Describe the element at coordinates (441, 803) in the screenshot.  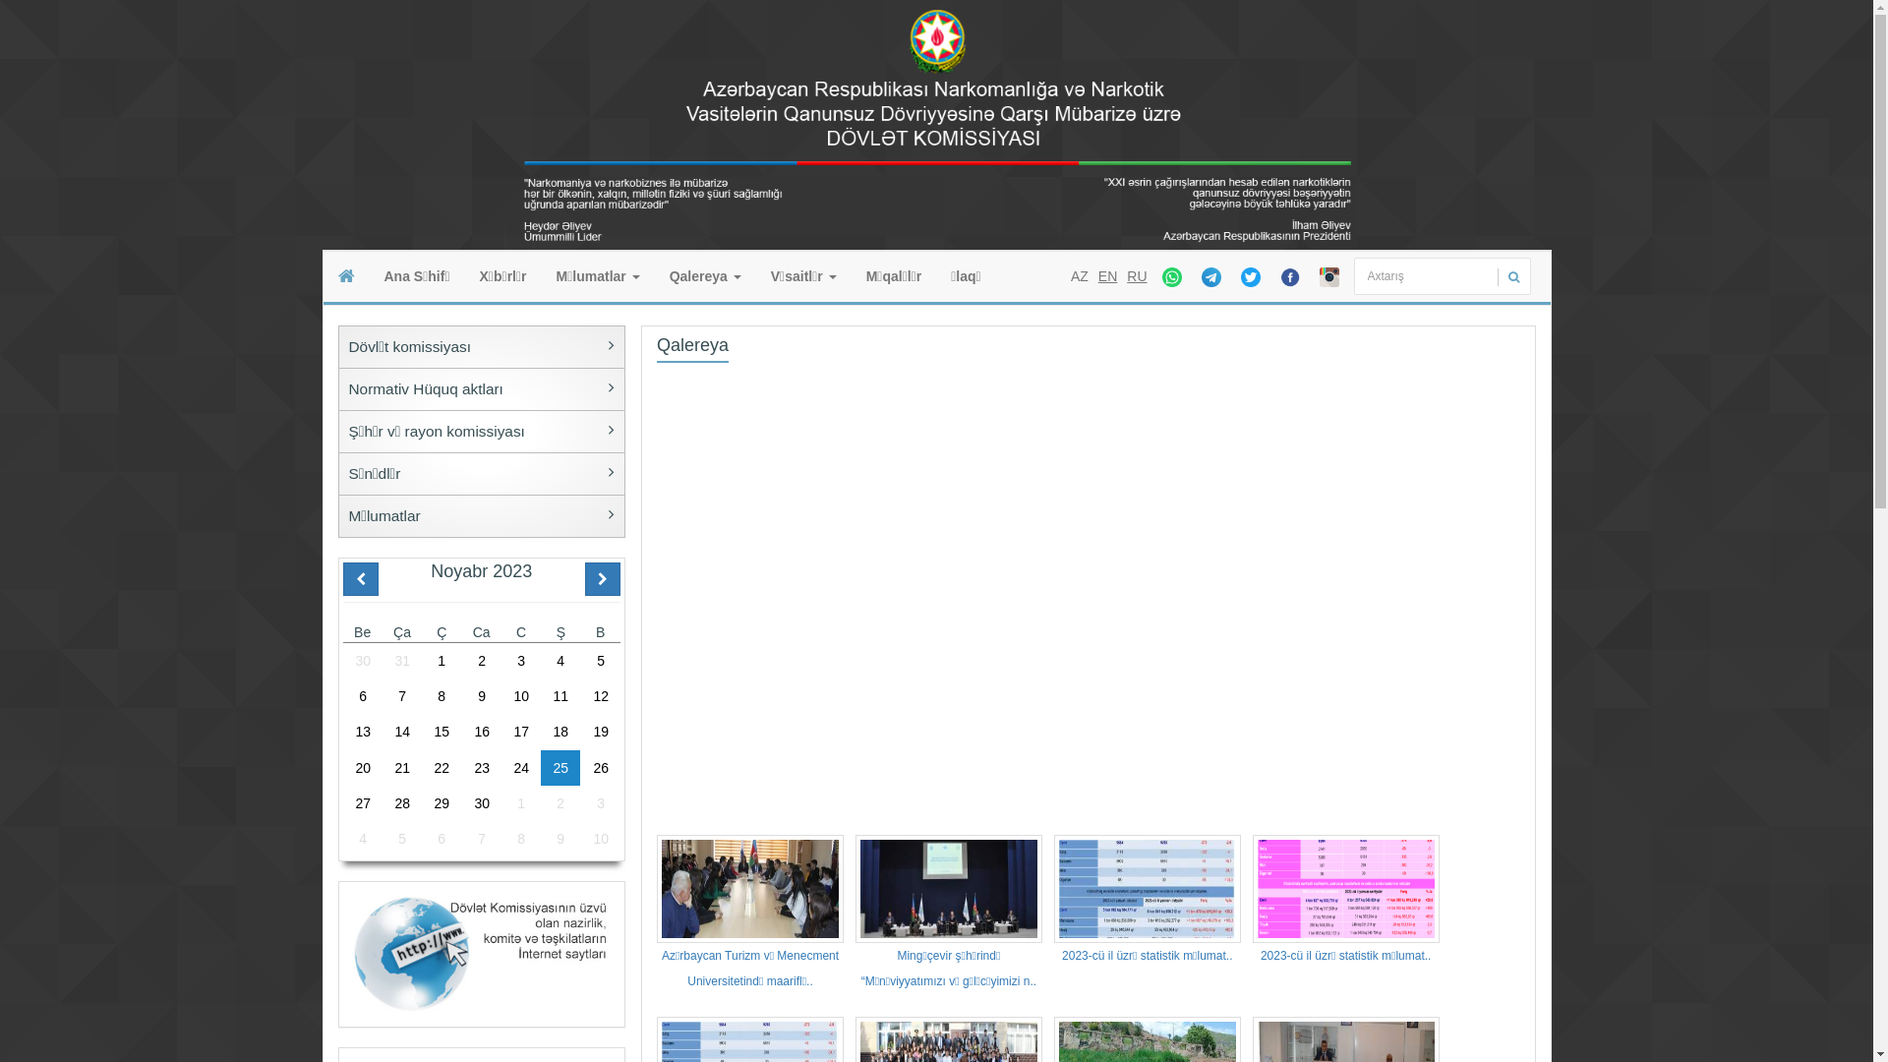
I see `'29'` at that location.